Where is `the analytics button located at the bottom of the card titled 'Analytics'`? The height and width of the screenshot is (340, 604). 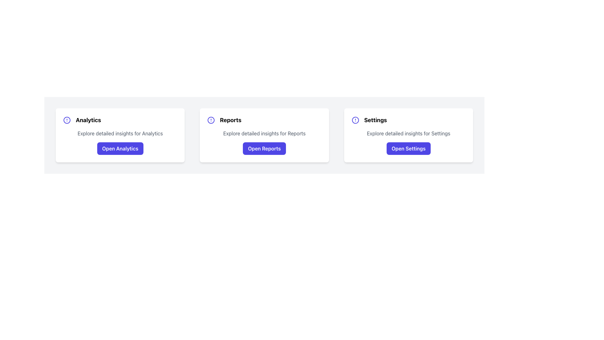
the analytics button located at the bottom of the card titled 'Analytics' is located at coordinates (120, 148).